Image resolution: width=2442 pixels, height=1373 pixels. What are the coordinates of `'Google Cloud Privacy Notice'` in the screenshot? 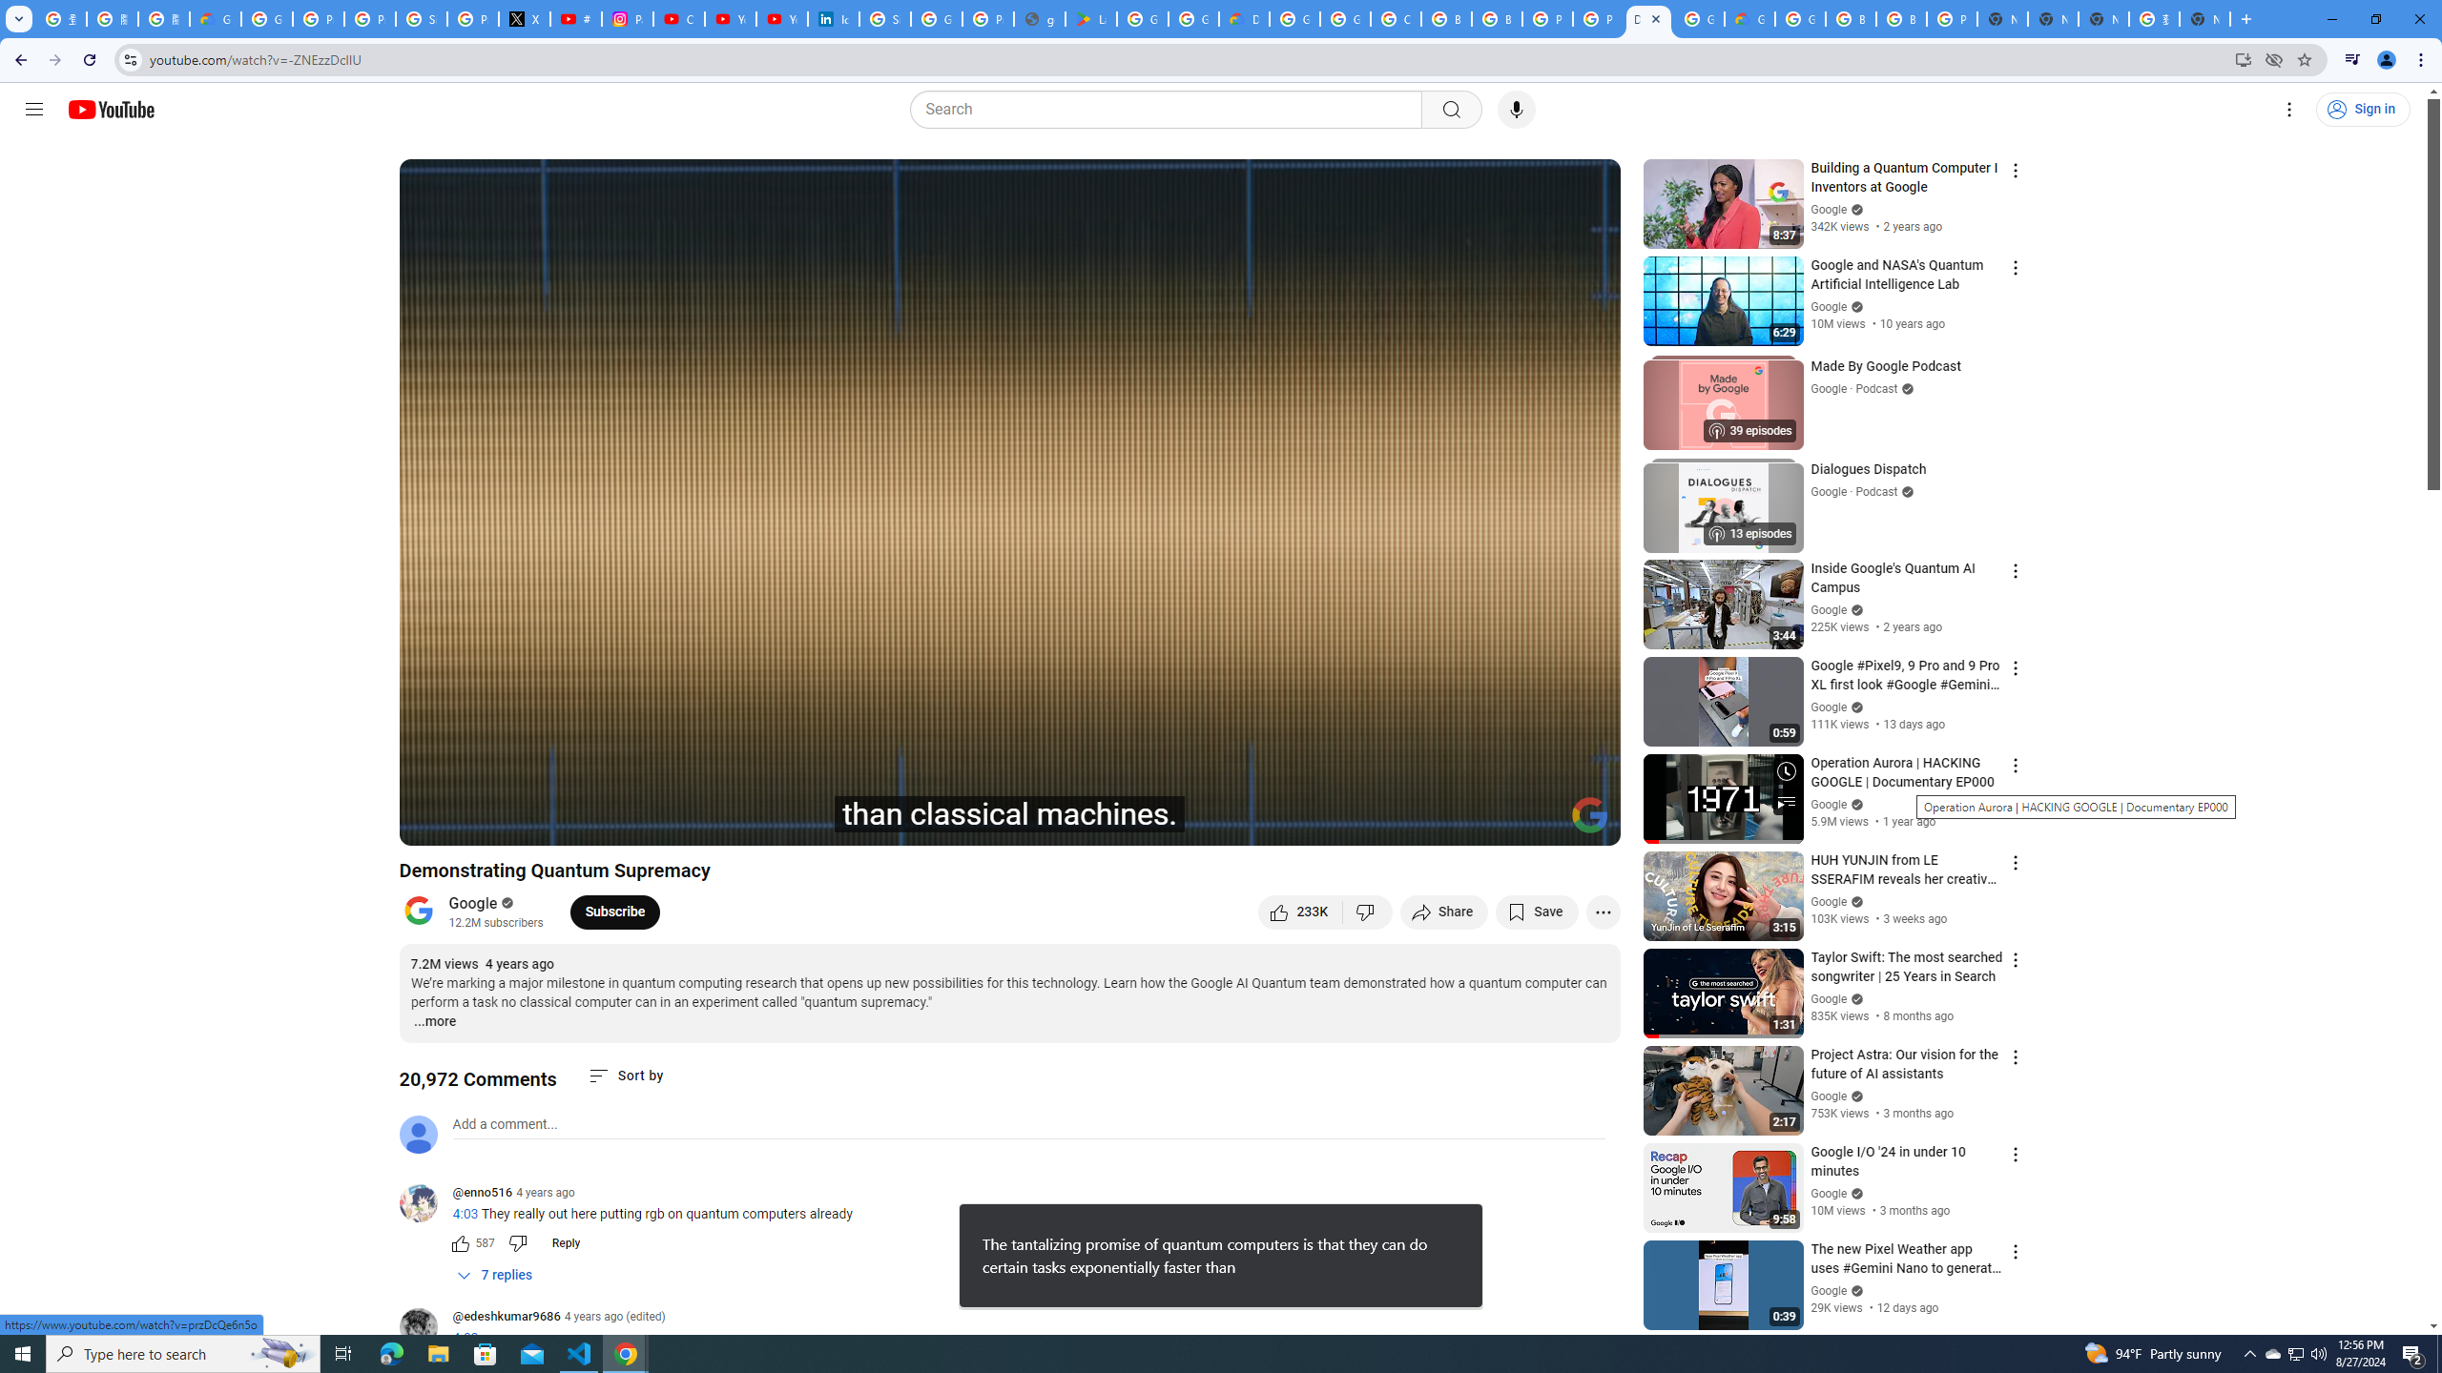 It's located at (214, 18).